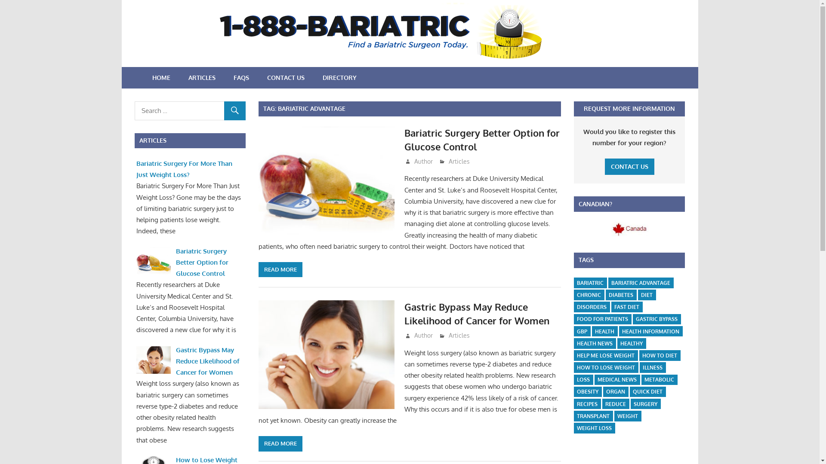 Image resolution: width=826 pixels, height=464 pixels. I want to click on 'REDUCE', so click(615, 404).